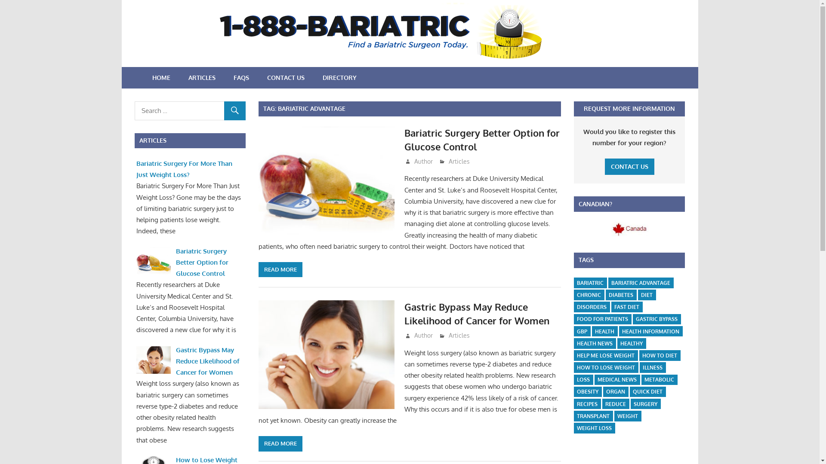 Image resolution: width=826 pixels, height=464 pixels. I want to click on 'REDUCE', so click(615, 404).